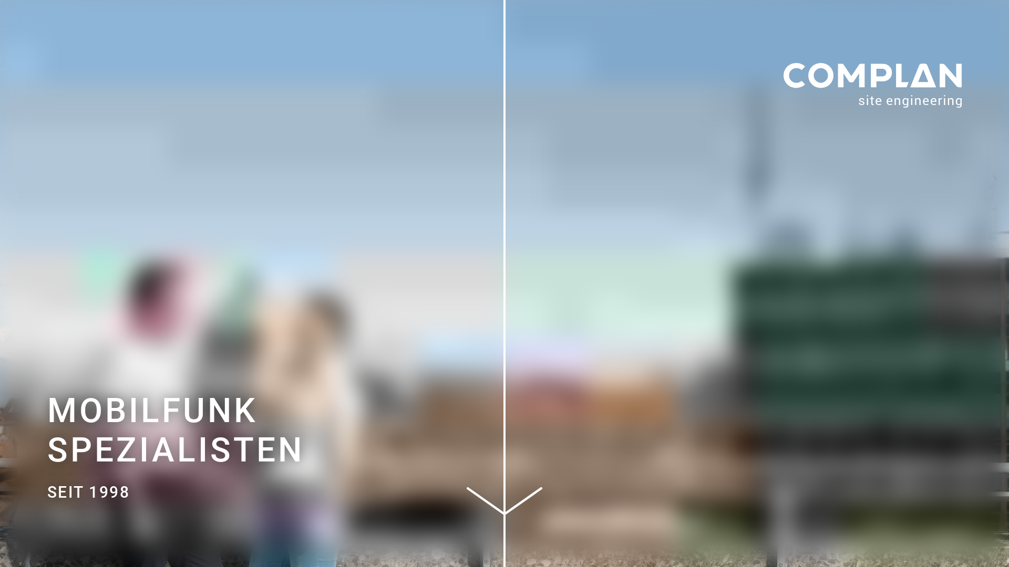 This screenshot has height=567, width=1009. I want to click on 'Complan', so click(872, 87).